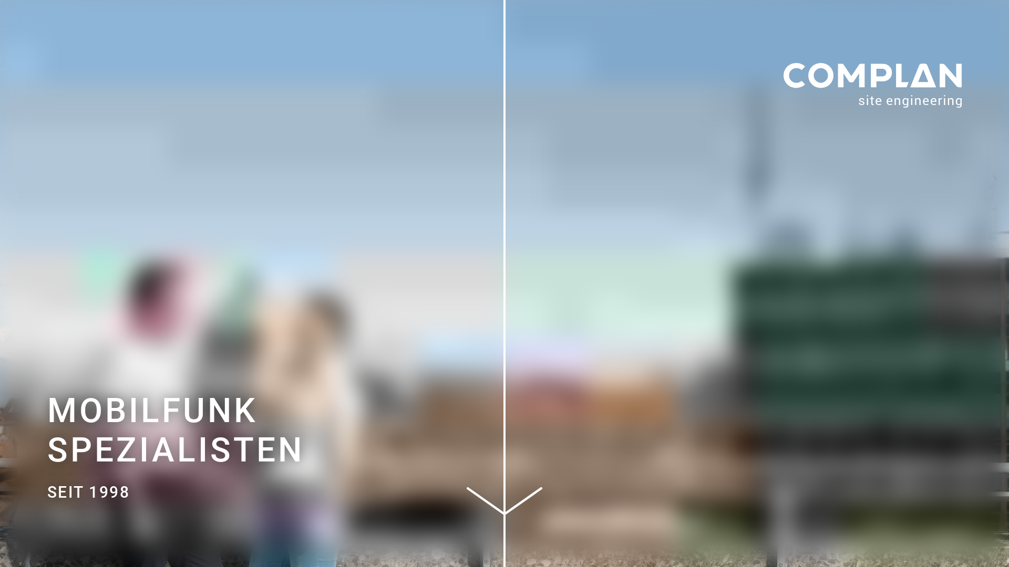 This screenshot has height=567, width=1009. I want to click on 'Complan', so click(872, 87).